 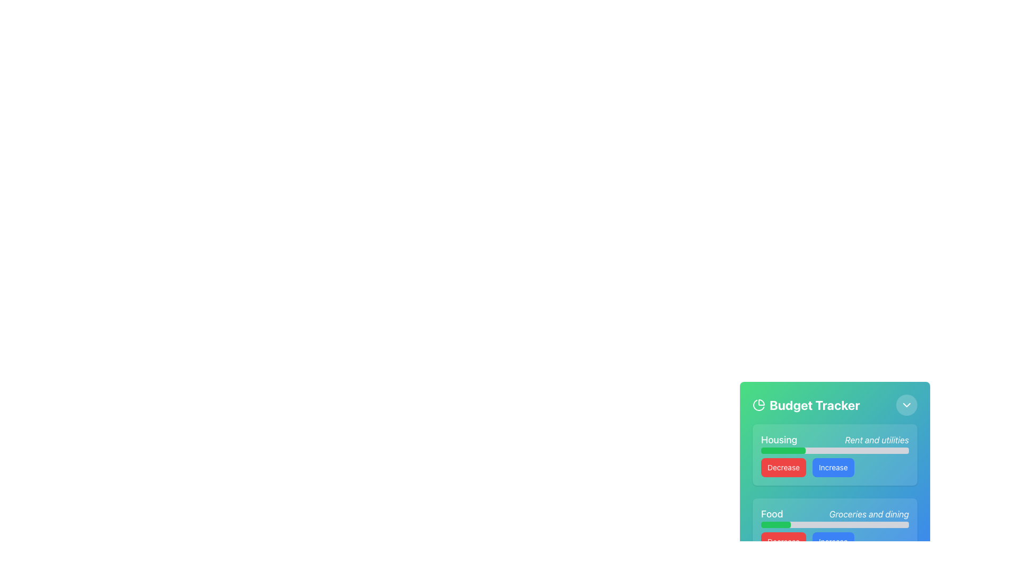 What do you see at coordinates (834, 454) in the screenshot?
I see `the progress bar of the housing expenses category in the budget tracker application` at bounding box center [834, 454].